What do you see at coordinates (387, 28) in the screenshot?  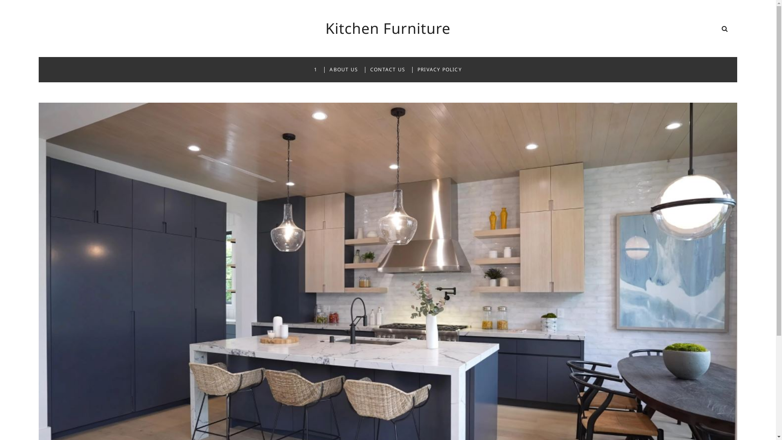 I see `'Kitchen Furniture'` at bounding box center [387, 28].